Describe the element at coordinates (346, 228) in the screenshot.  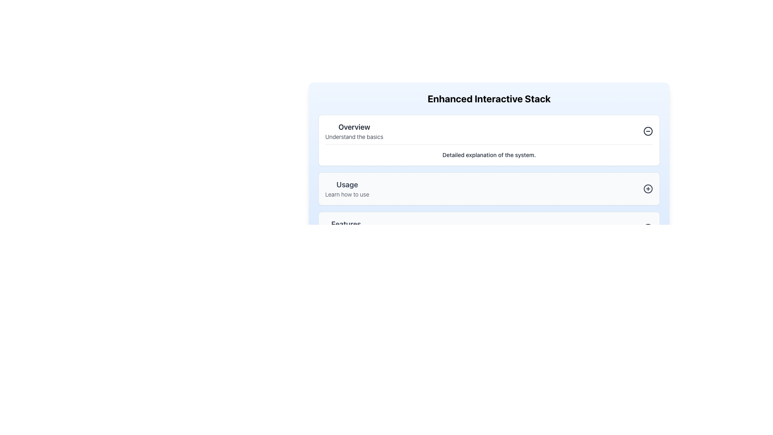
I see `the Informational text block that provides information about the 'Features' section, located below the 'Usage' section, and describes it as 'Explore features'` at that location.